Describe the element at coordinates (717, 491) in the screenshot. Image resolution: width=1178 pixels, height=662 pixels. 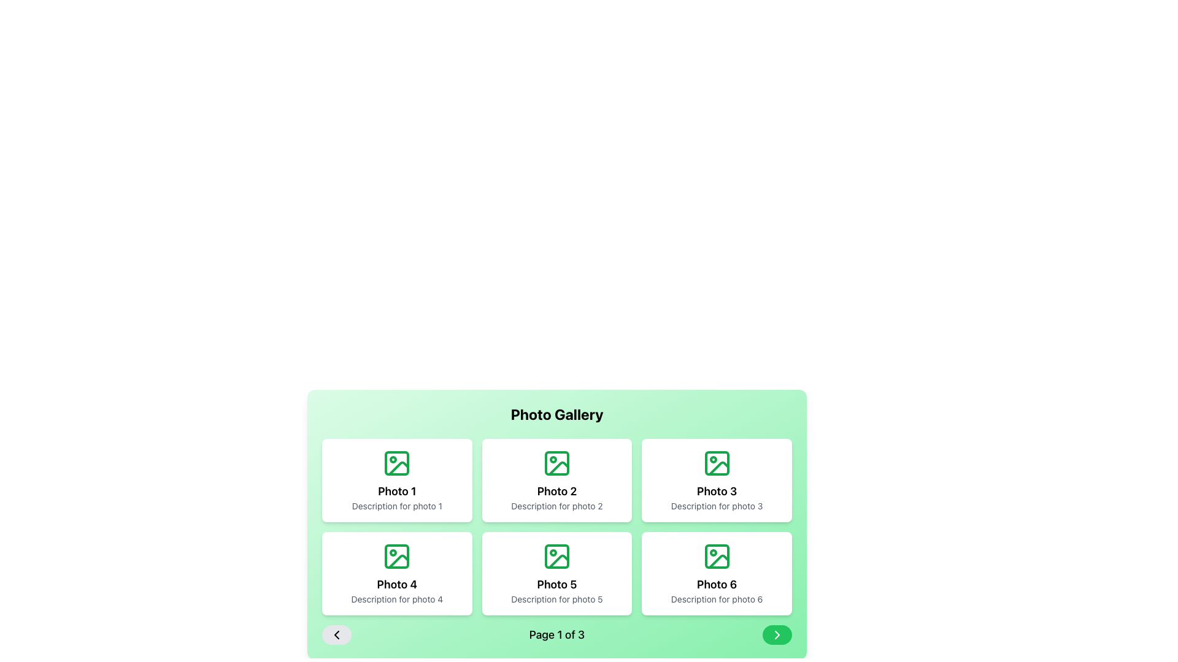
I see `the 'Photo 3' text block` at that location.